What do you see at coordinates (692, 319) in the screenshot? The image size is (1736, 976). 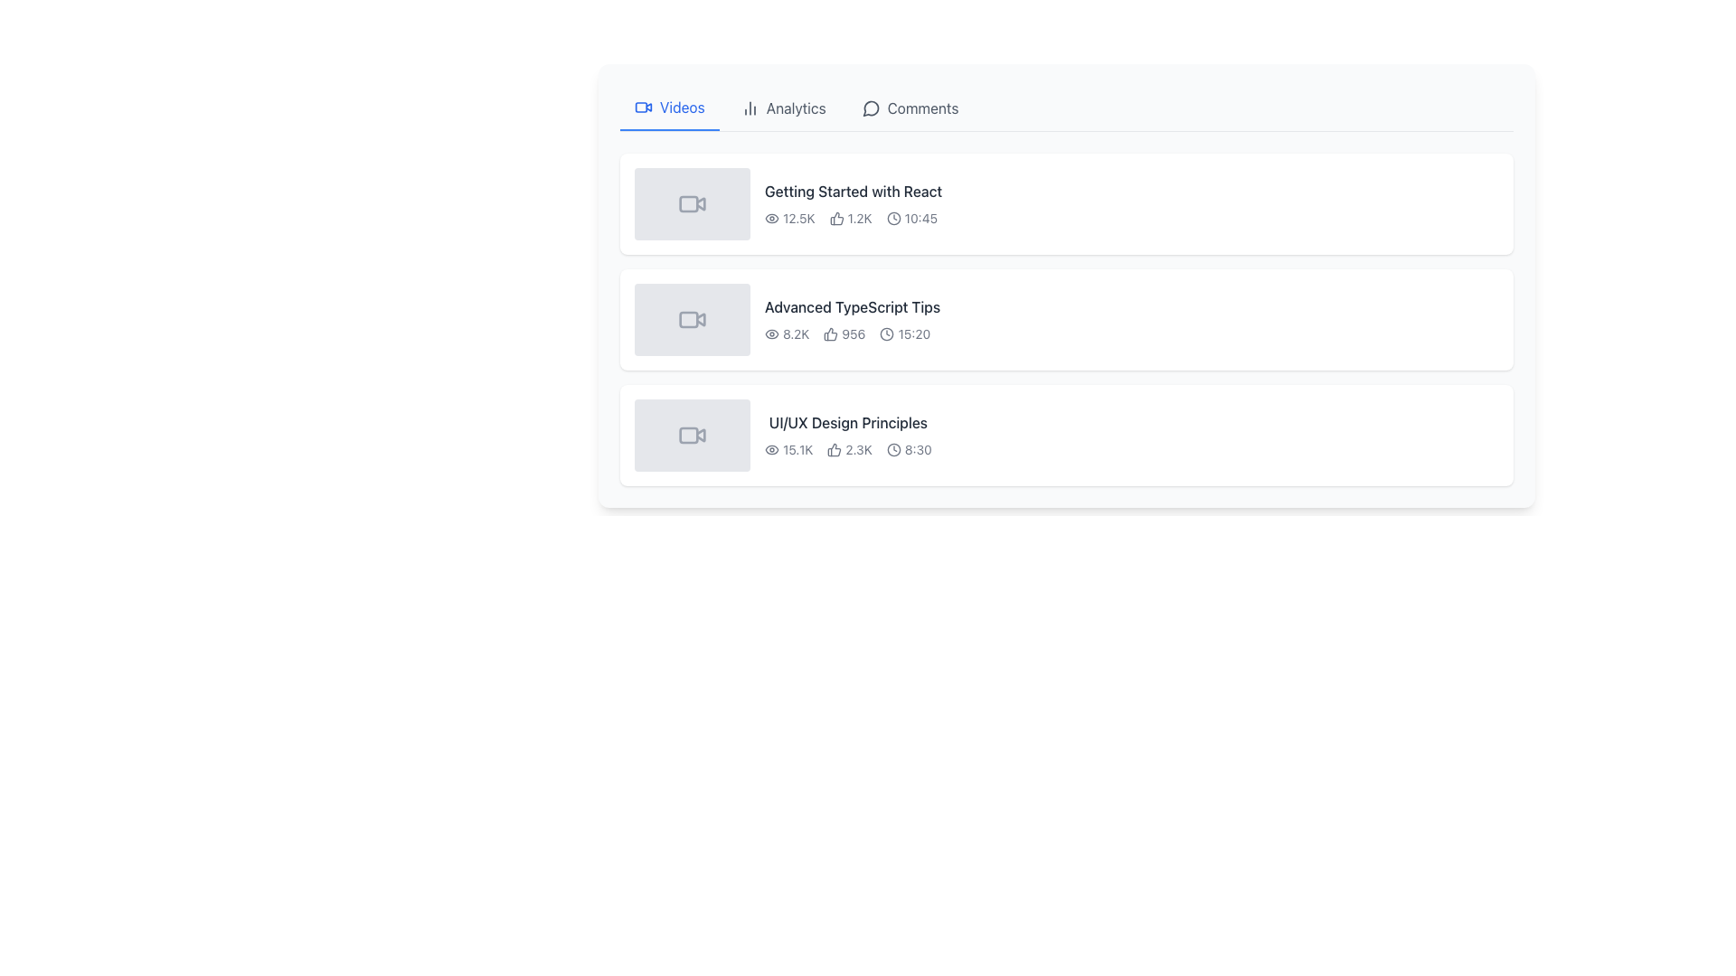 I see `the video thumbnail with a light gray background and a video camera icon featuring a play button, located in the second row of the video list next to the title 'Advanced TypeScript Tips'` at bounding box center [692, 319].